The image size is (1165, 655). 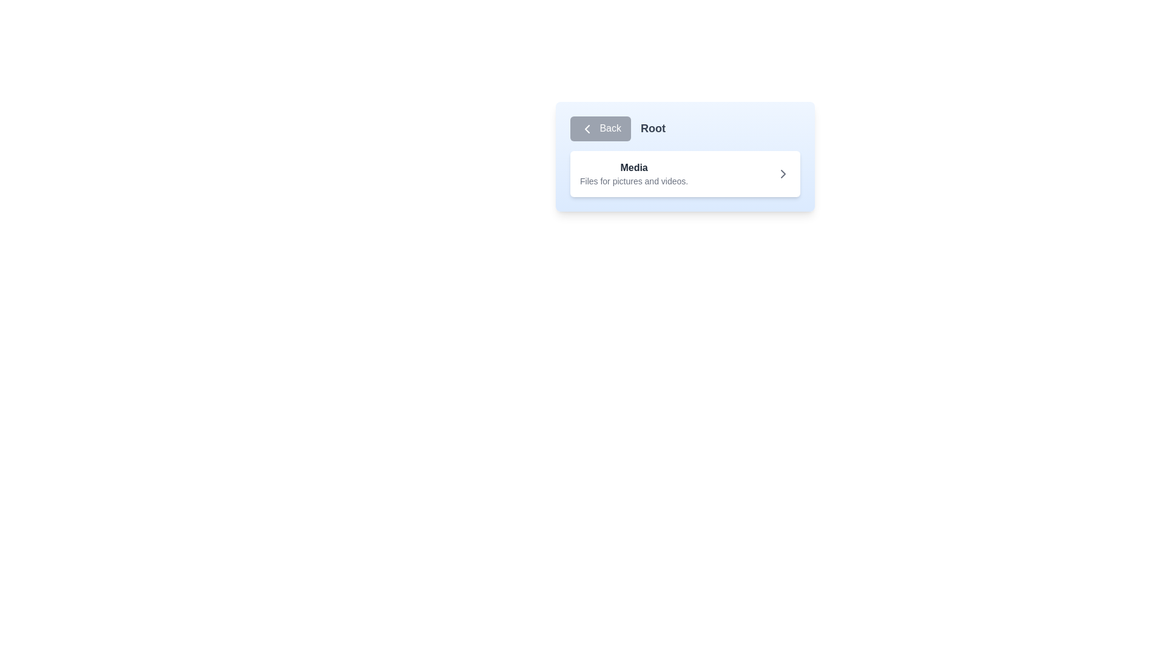 What do you see at coordinates (783, 173) in the screenshot?
I see `the right-pointing chevron icon styled as an SVG graphic, which is located on the far right side of the panel labeled 'Media'` at bounding box center [783, 173].